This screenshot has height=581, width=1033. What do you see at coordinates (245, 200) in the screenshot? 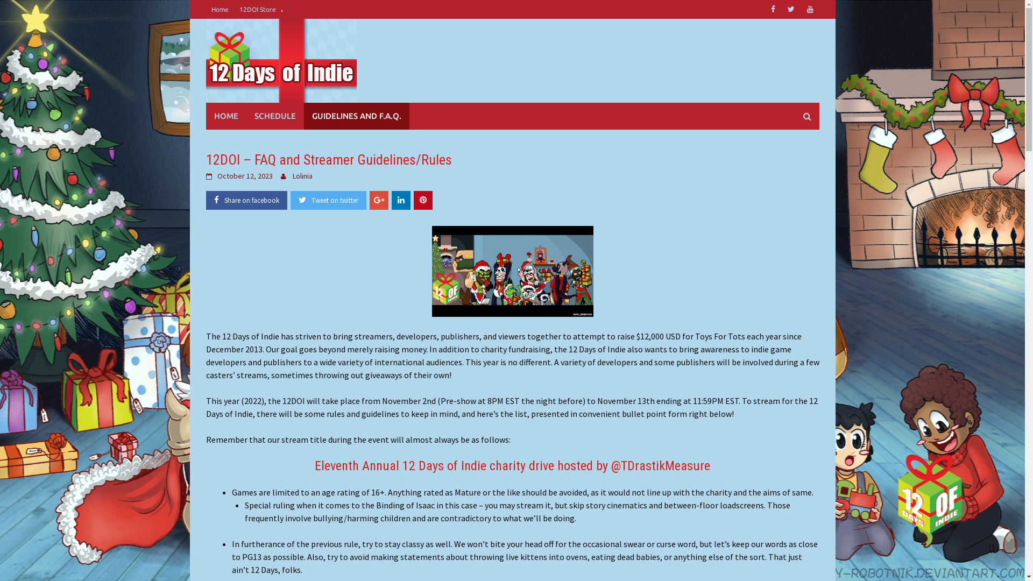
I see `'Share on facebook'` at bounding box center [245, 200].